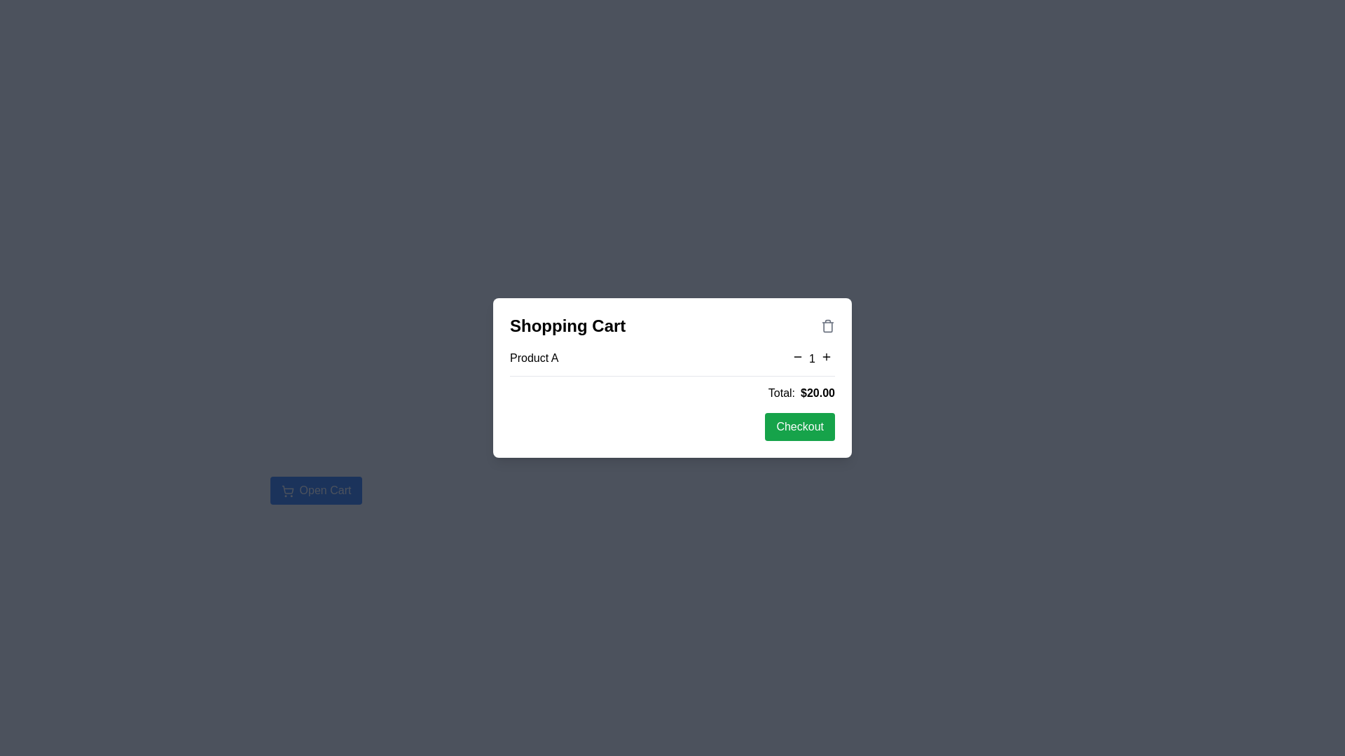  I want to click on the 'Shopping Cart' static text element that appears prominently at the top-left corner of the white card interface, so click(567, 326).